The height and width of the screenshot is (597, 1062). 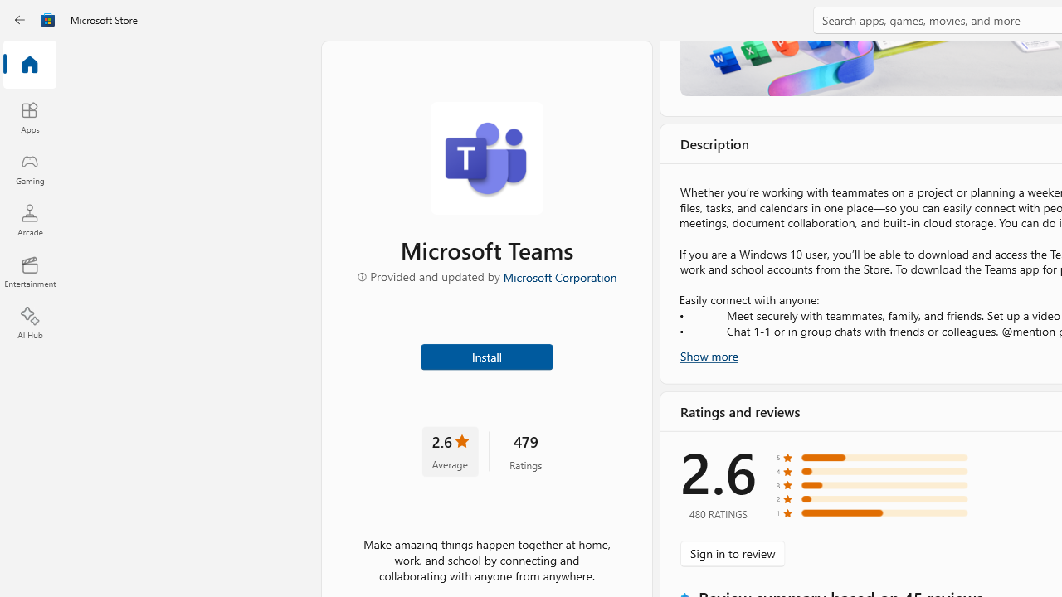 What do you see at coordinates (20, 20) in the screenshot?
I see `'Back'` at bounding box center [20, 20].